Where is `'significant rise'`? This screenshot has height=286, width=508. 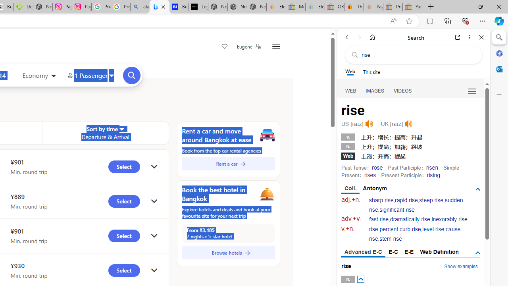
'significant rise' is located at coordinates (397, 209).